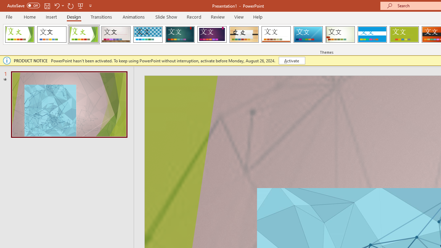  I want to click on 'FadeVTI', so click(20, 34).